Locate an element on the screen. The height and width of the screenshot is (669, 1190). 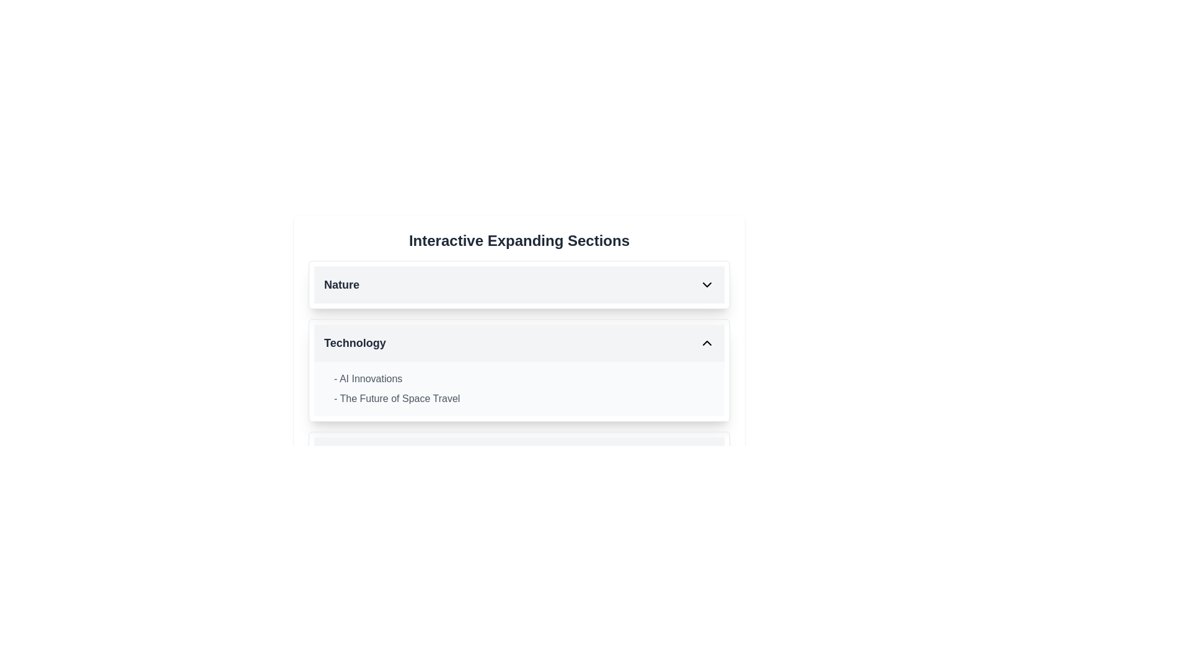
the collapsible section located below the 'Nature' section is located at coordinates (519, 323).